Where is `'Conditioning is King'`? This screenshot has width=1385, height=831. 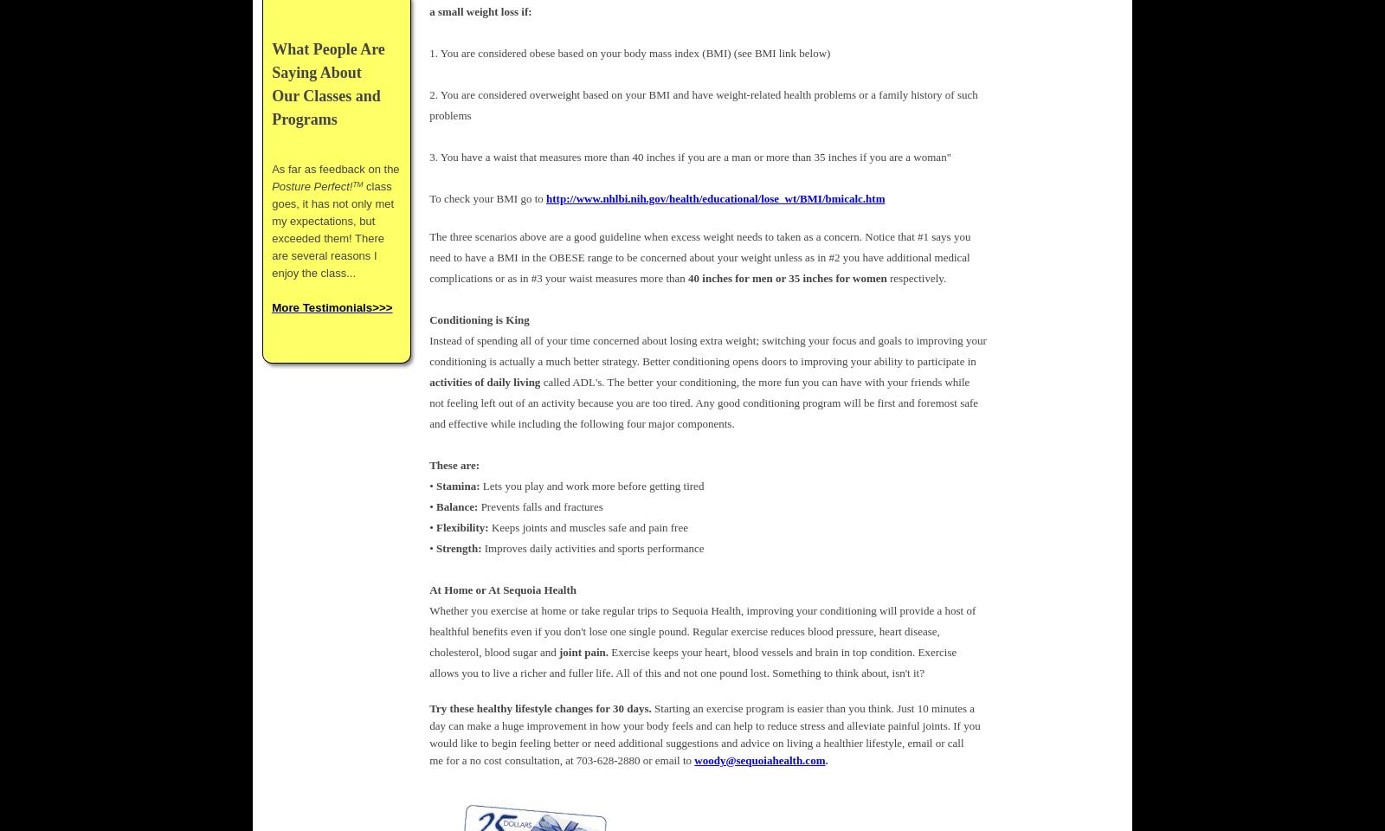
'Conditioning is King' is located at coordinates (428, 318).